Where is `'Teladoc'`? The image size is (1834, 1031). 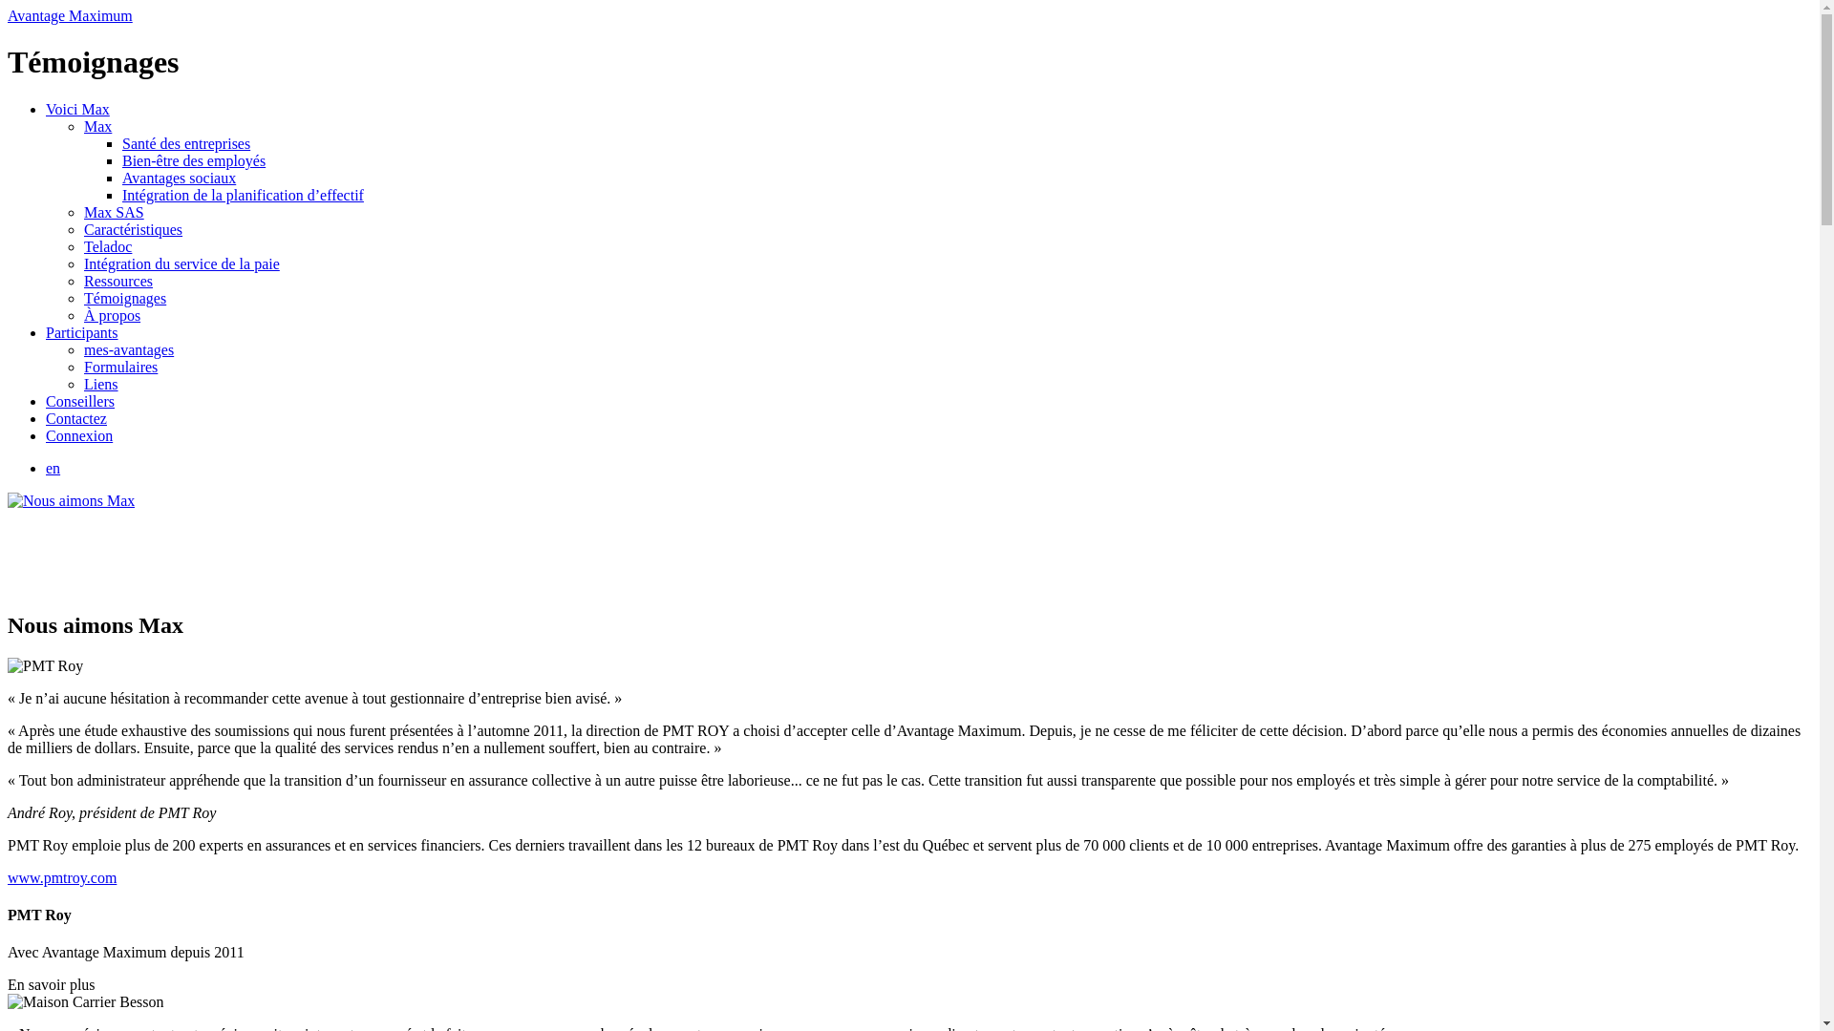
'Teladoc' is located at coordinates (107, 245).